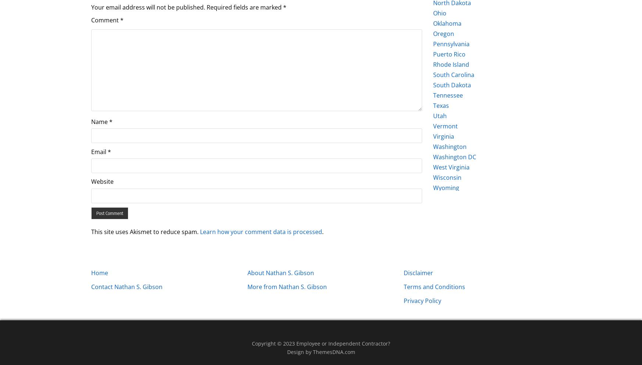  What do you see at coordinates (90, 121) in the screenshot?
I see `'Name'` at bounding box center [90, 121].